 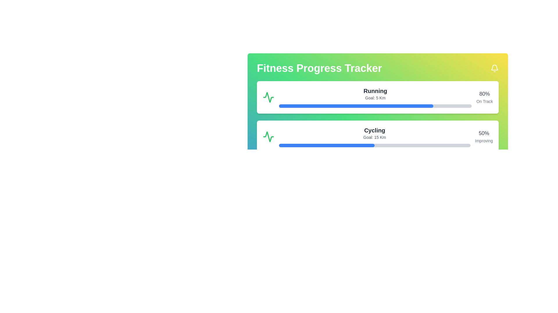 I want to click on the cycling activity icon located in the top-left region of the 'Cycling' section, positioned to the immediate left of the 'Cycling' text, so click(x=268, y=137).